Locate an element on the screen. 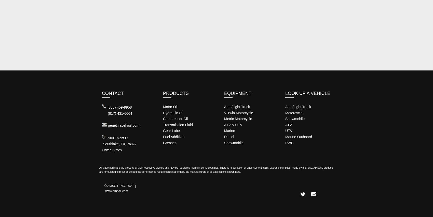 This screenshot has width=433, height=217. 'ATV' is located at coordinates (289, 124).